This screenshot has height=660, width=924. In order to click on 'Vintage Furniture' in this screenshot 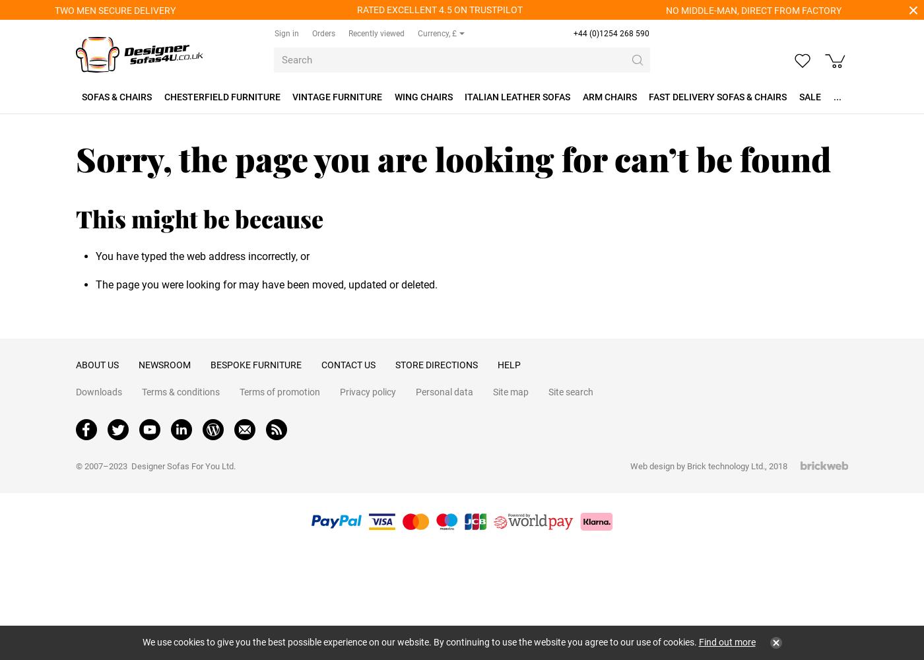, I will do `click(337, 97)`.